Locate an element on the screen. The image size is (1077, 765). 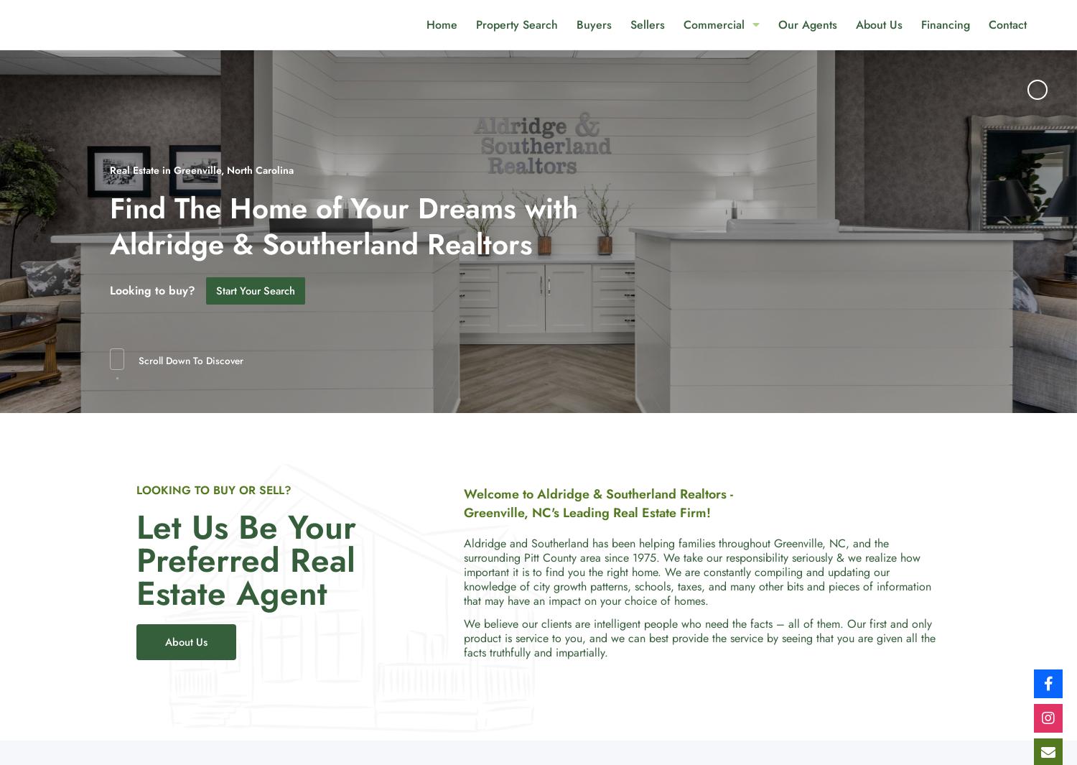
'About Us' is located at coordinates (164, 641).